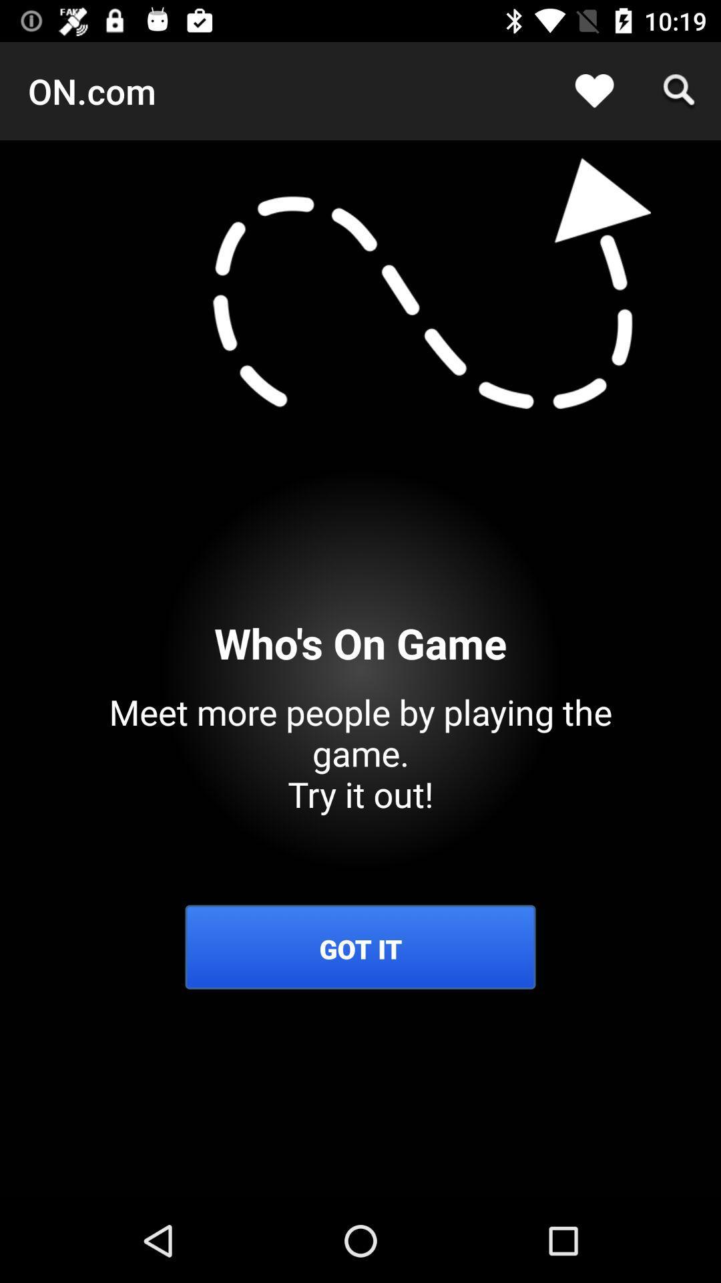 The image size is (721, 1283). Describe the element at coordinates (360, 948) in the screenshot. I see `the got it item` at that location.